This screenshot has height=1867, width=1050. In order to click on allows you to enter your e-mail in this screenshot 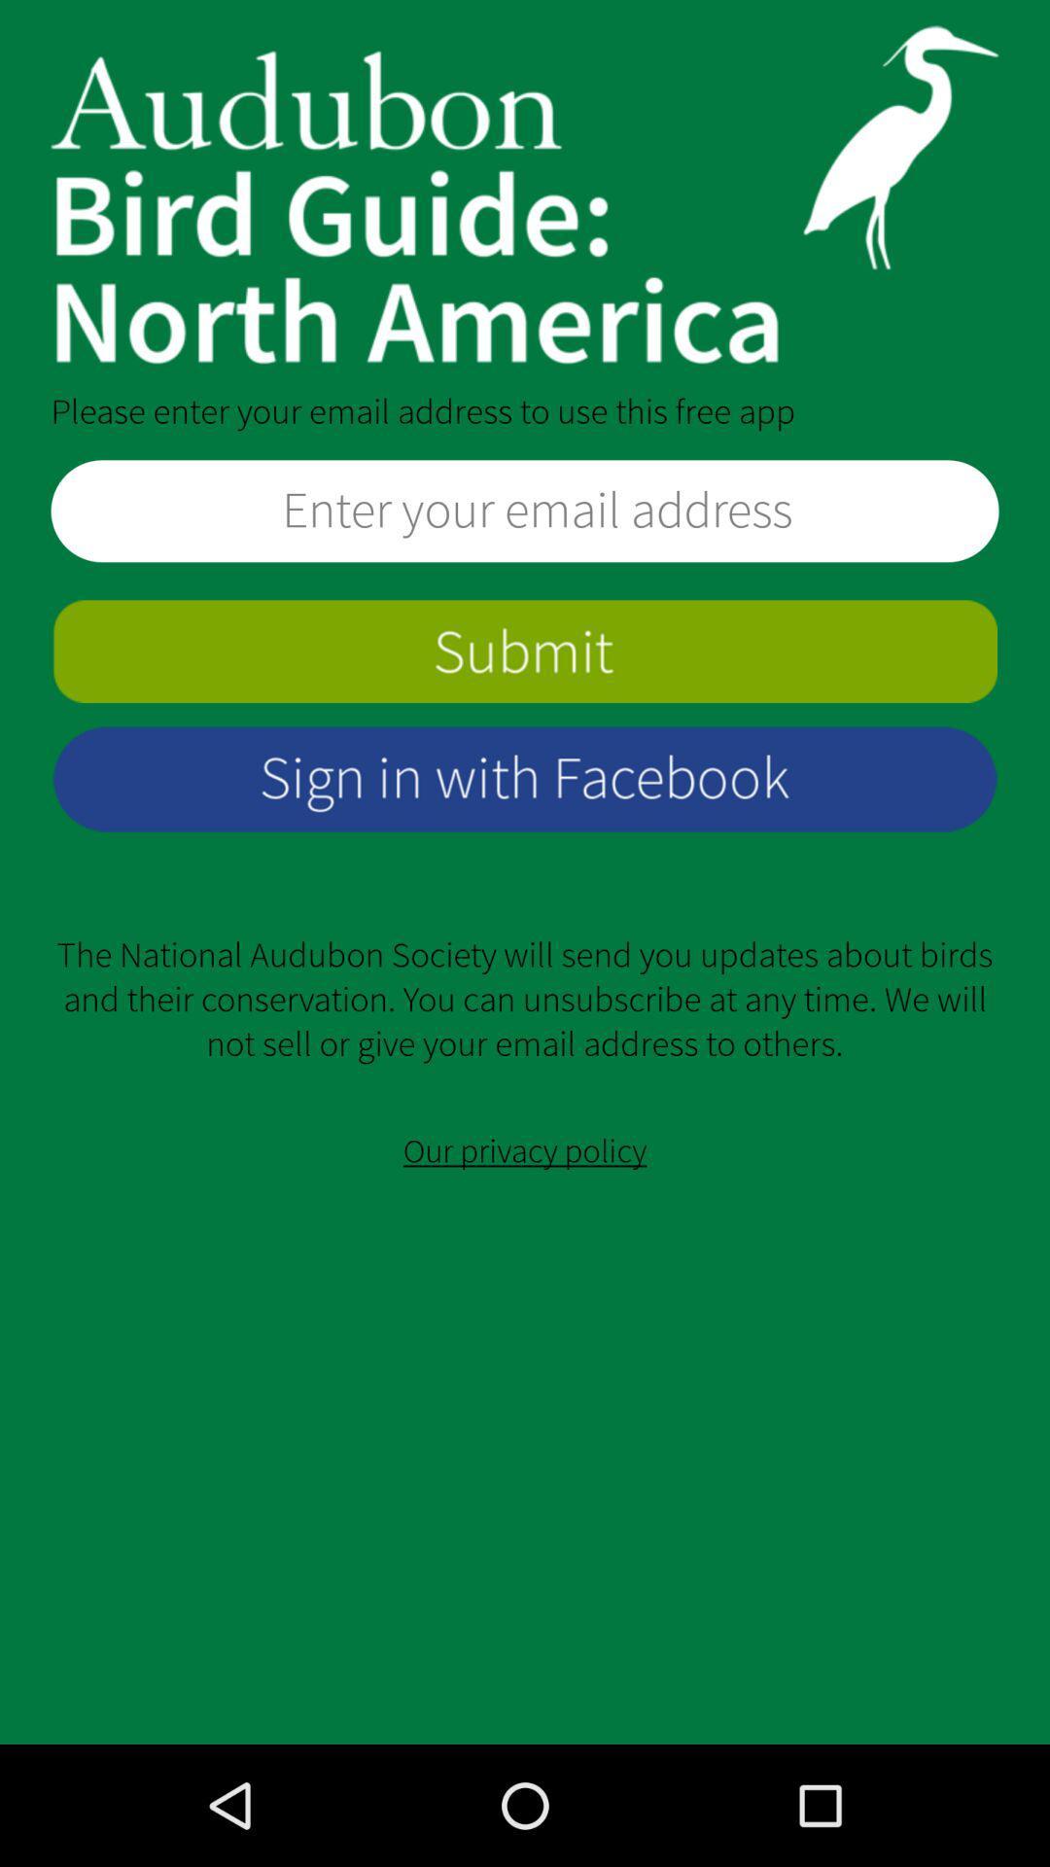, I will do `click(525, 511)`.